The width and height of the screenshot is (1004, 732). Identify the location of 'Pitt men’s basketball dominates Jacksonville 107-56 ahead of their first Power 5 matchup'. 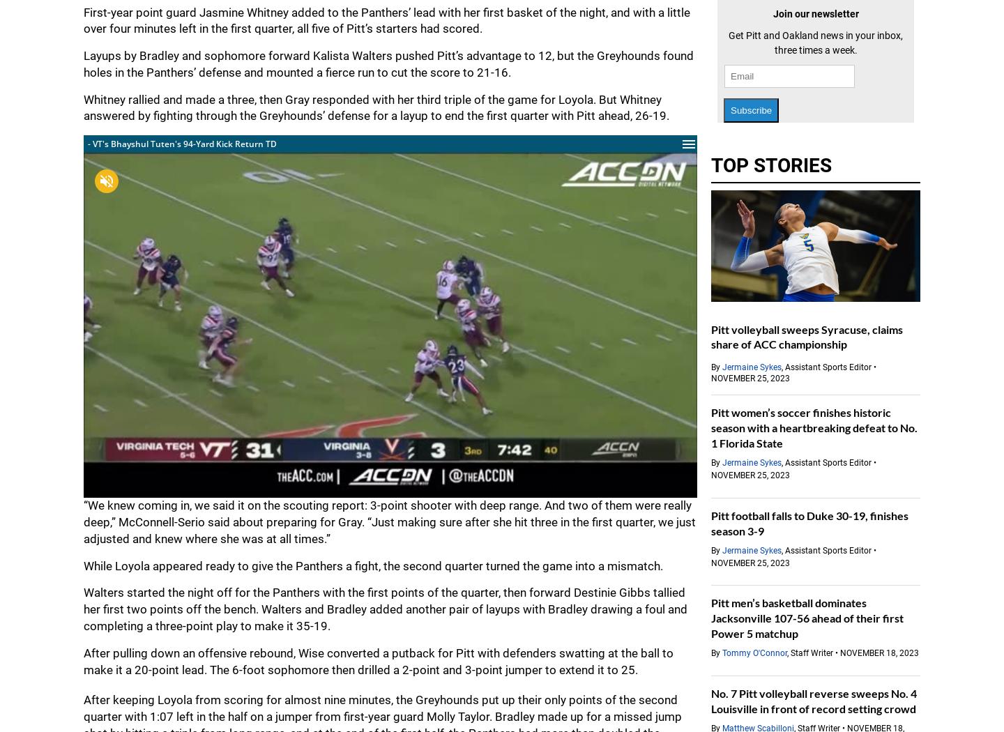
(807, 617).